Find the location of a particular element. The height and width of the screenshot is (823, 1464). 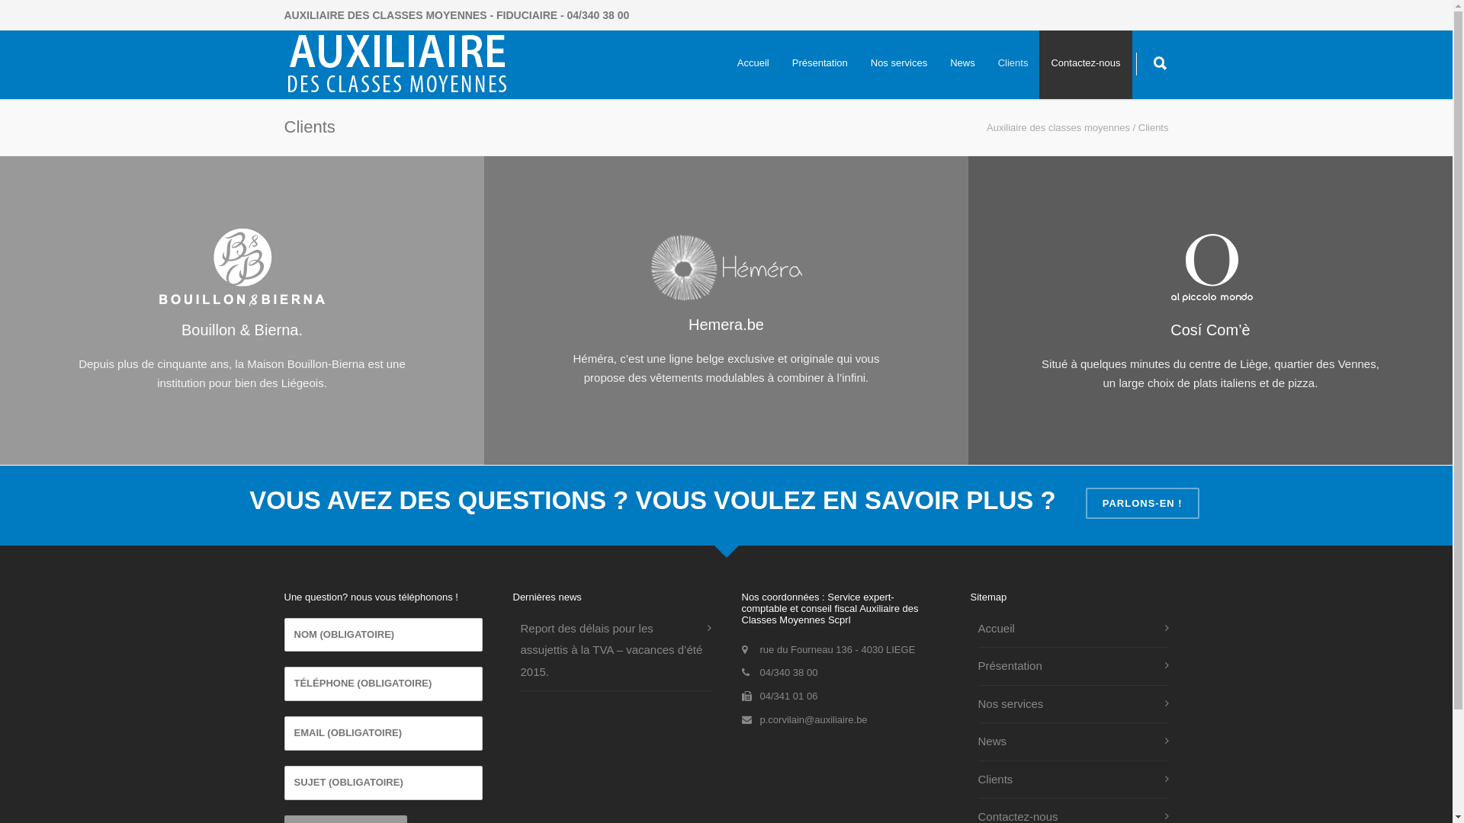

'p.corvilain@auxiliaire.be' is located at coordinates (812, 719).